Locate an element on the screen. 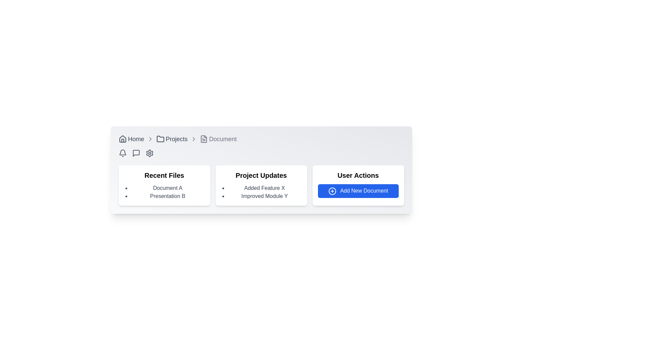 This screenshot has width=646, height=363. the folder icon located in the breadcrumb navigation bar, positioned between the 'Projects' and 'Document' links is located at coordinates (160, 138).